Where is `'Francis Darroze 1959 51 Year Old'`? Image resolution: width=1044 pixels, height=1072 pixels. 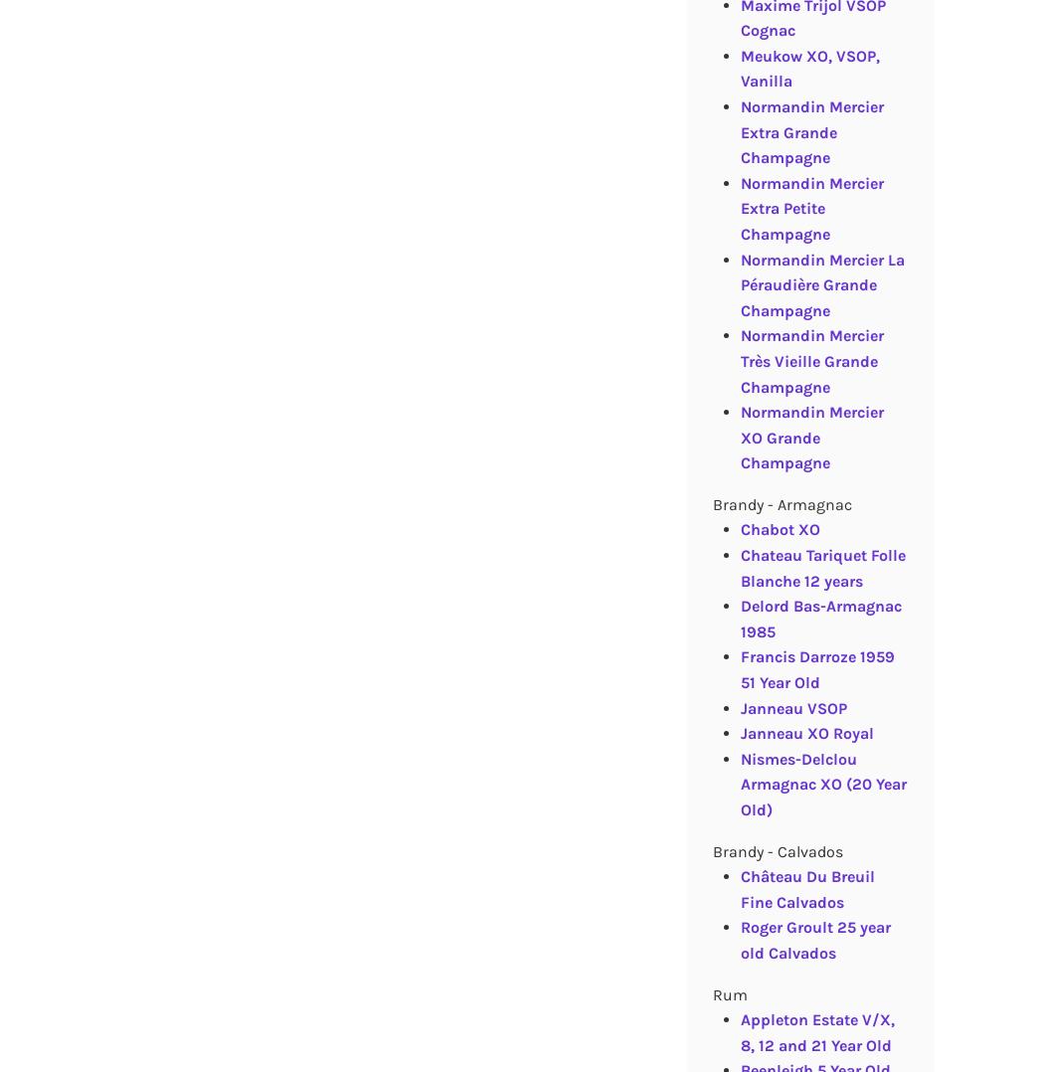
'Francis Darroze 1959 51 Year Old' is located at coordinates (815, 669).